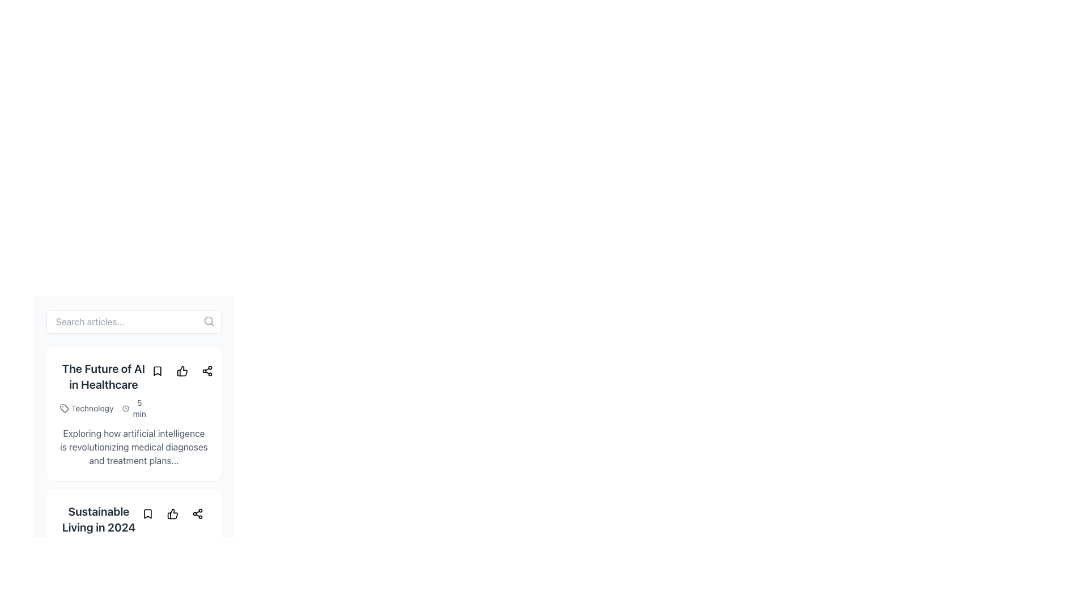 The image size is (1088, 612). What do you see at coordinates (207, 371) in the screenshot?
I see `the share icon button located at the top right of the card titled 'The Future of AI in Healthcare' to share the item` at bounding box center [207, 371].